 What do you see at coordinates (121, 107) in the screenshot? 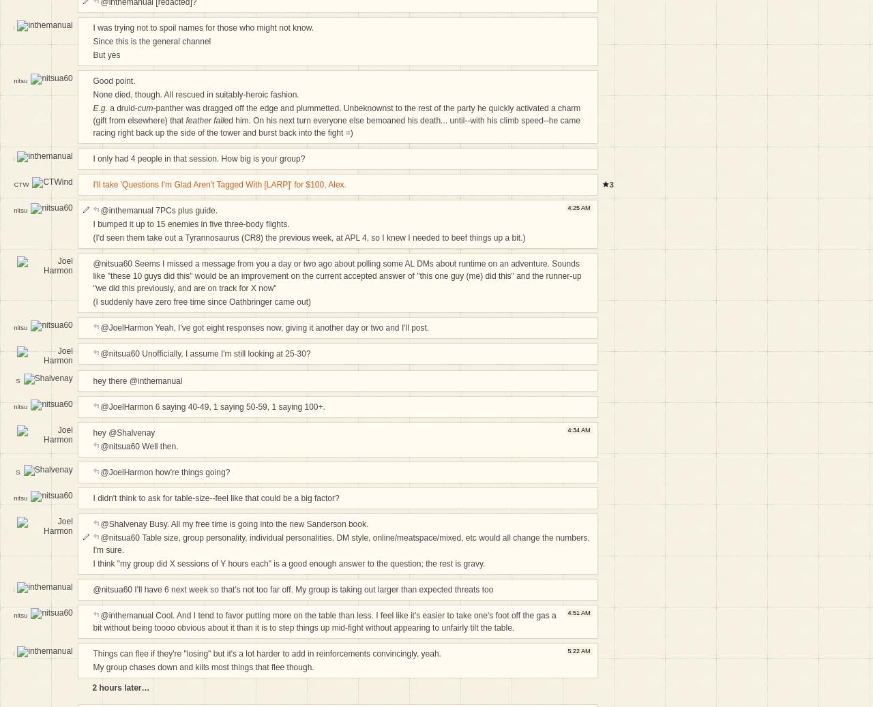
I see `'a druid-'` at bounding box center [121, 107].